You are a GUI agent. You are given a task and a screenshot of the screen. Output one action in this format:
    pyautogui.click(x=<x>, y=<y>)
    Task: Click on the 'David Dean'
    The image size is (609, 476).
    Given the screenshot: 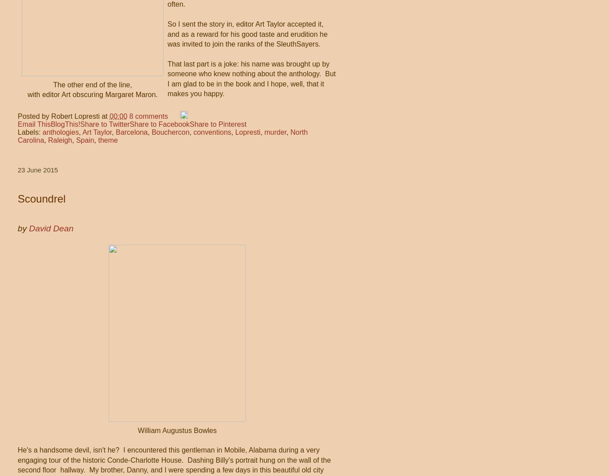 What is the action you would take?
    pyautogui.click(x=28, y=228)
    